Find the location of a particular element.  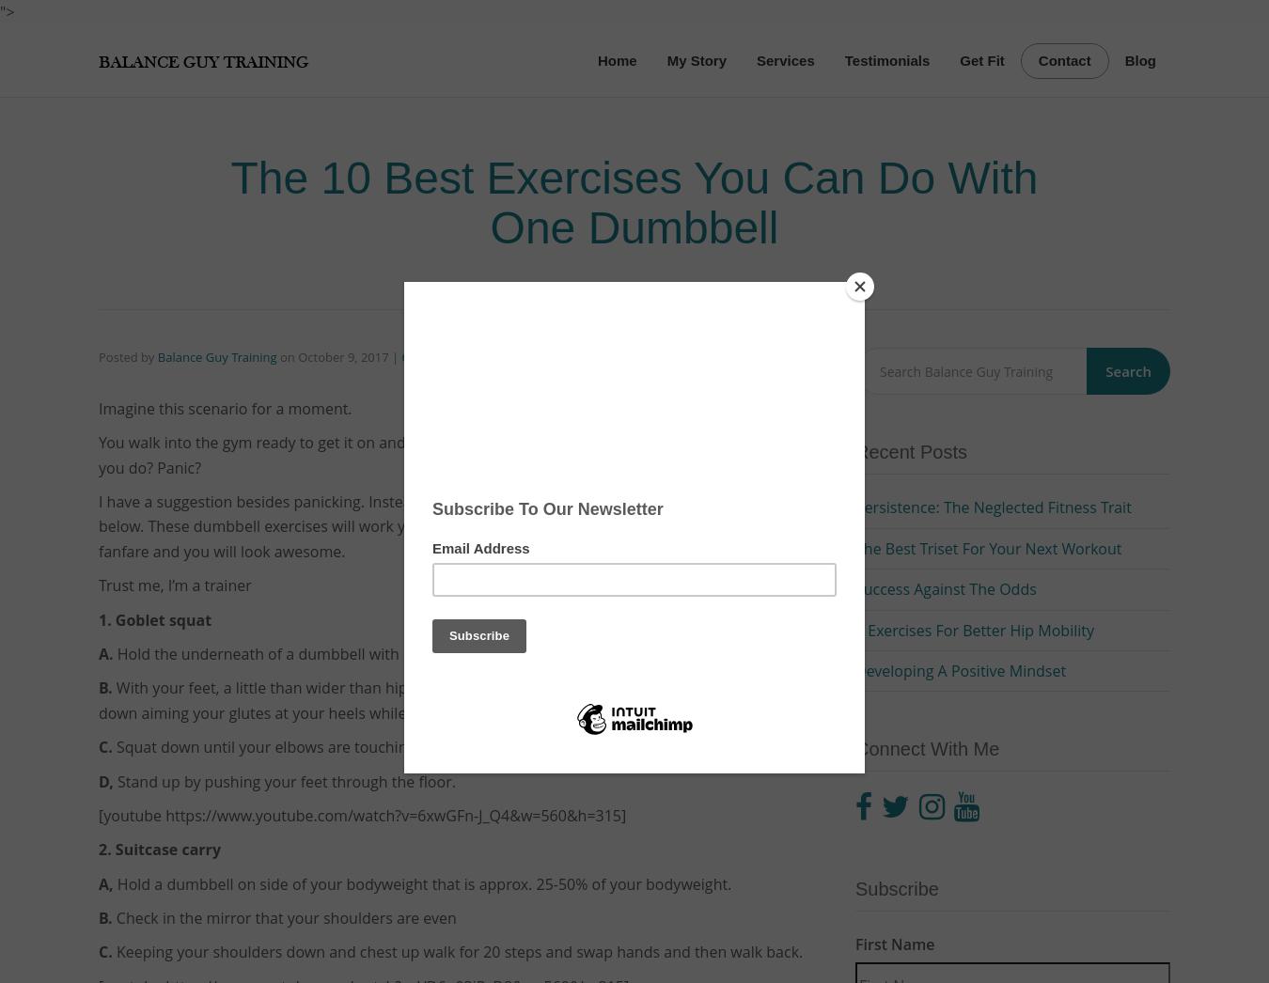

'A,' is located at coordinates (107, 883).